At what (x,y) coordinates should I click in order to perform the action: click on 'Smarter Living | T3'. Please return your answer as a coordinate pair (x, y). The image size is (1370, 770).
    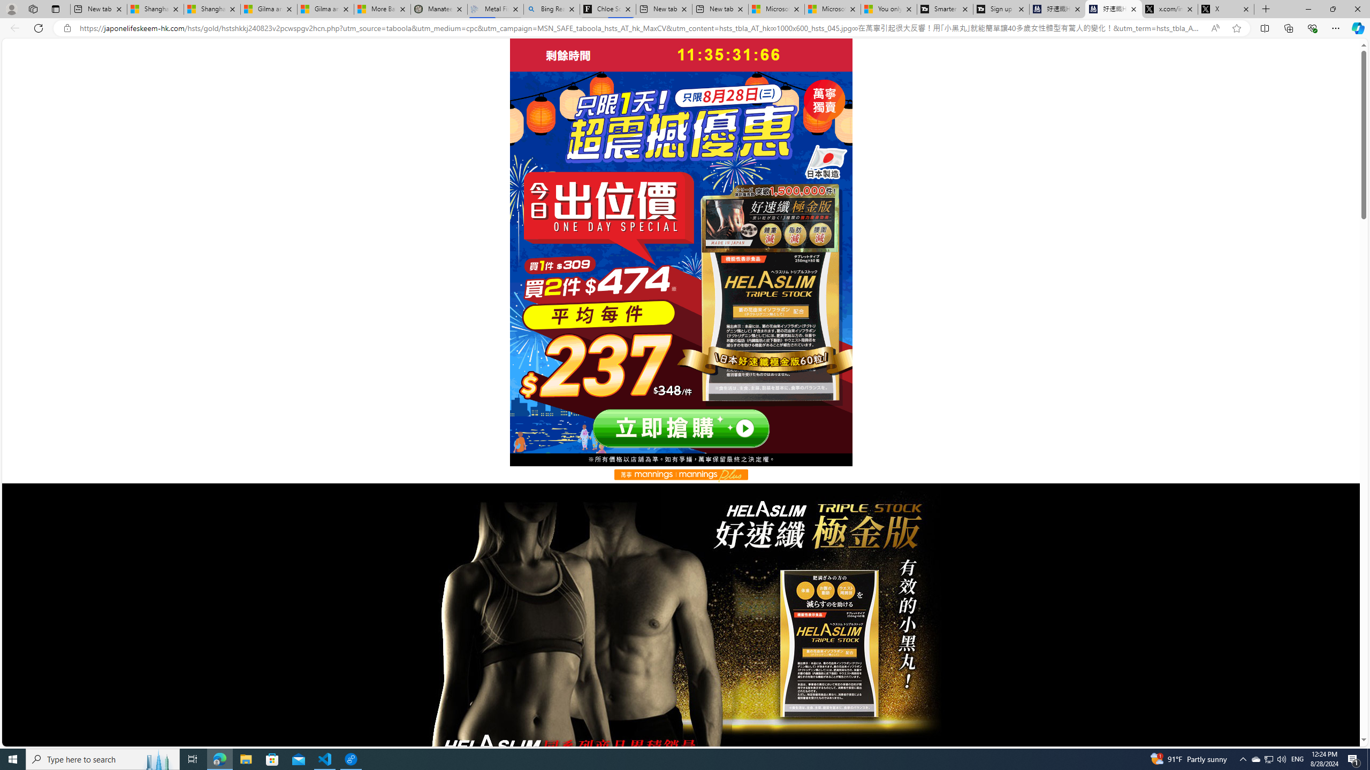
    Looking at the image, I should click on (945, 9).